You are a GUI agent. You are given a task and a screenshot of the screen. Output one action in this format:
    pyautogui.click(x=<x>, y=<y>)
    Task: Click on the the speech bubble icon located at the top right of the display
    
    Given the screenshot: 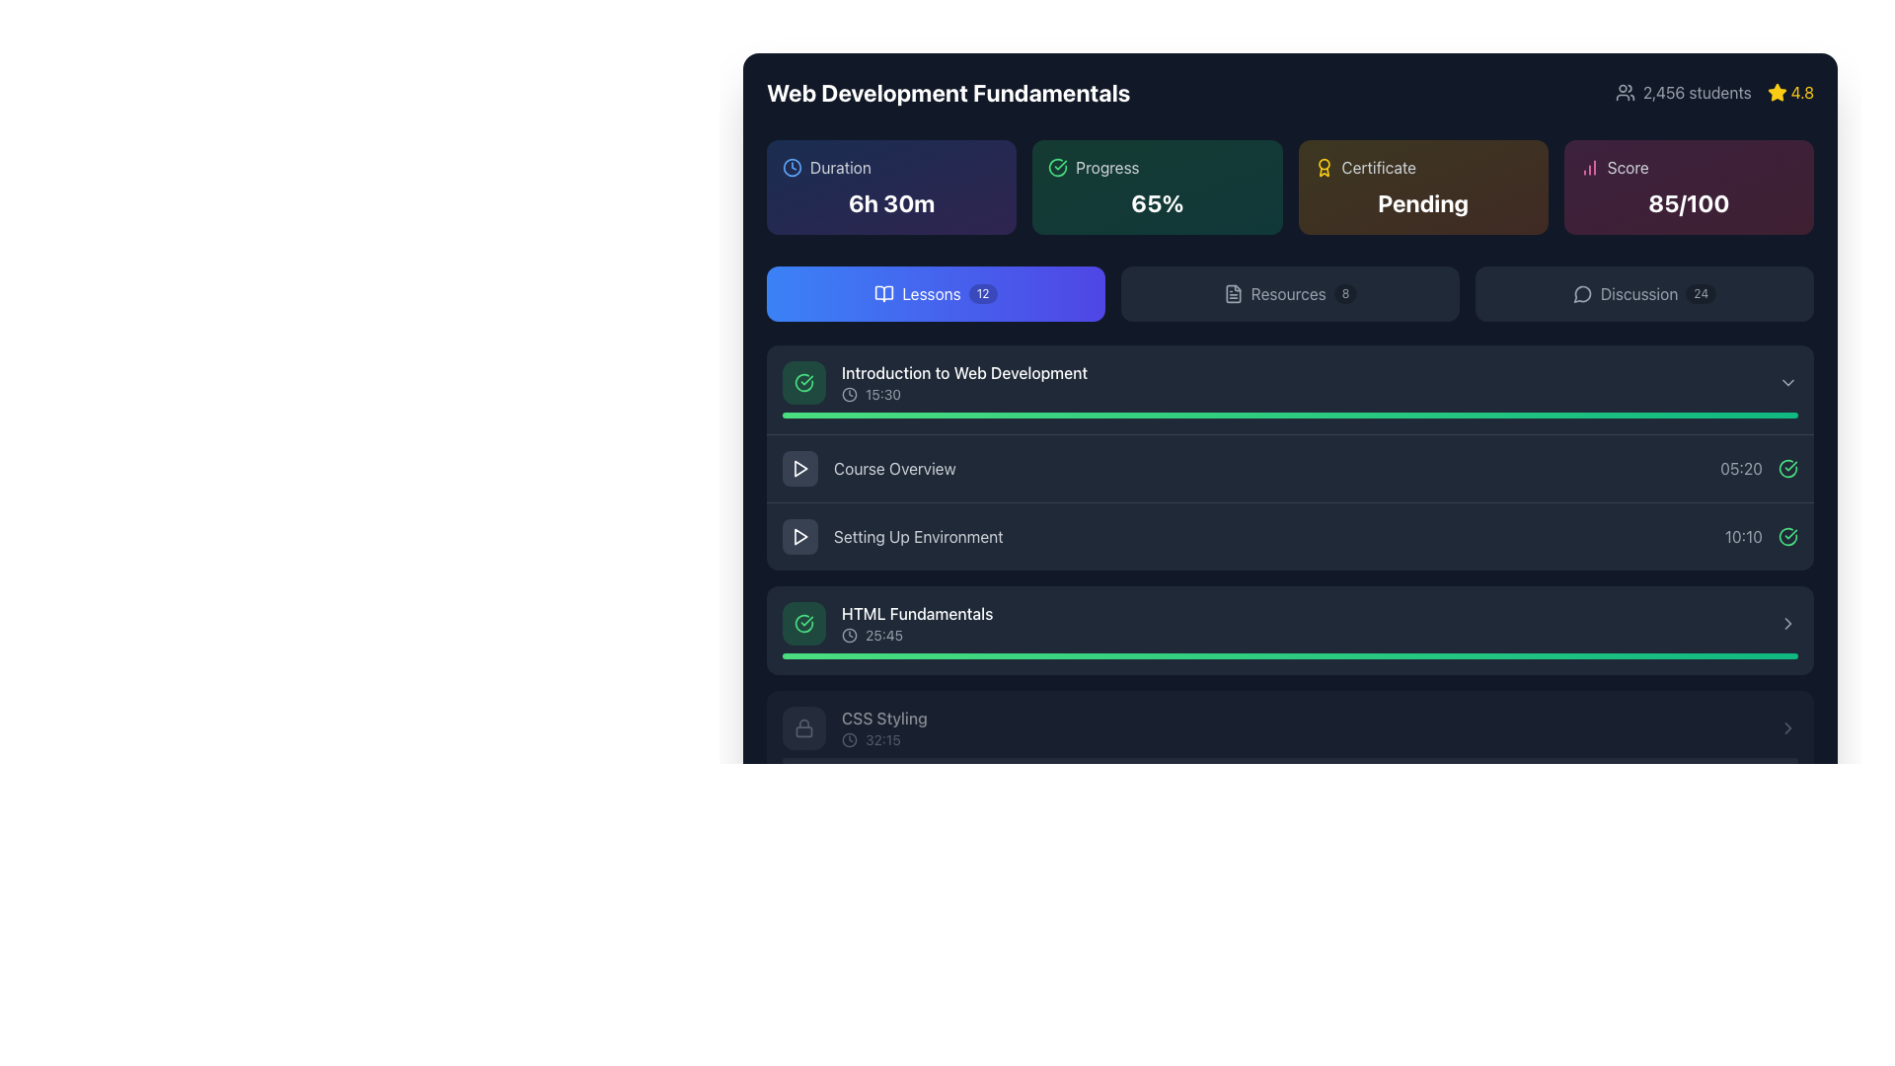 What is the action you would take?
    pyautogui.click(x=1582, y=294)
    